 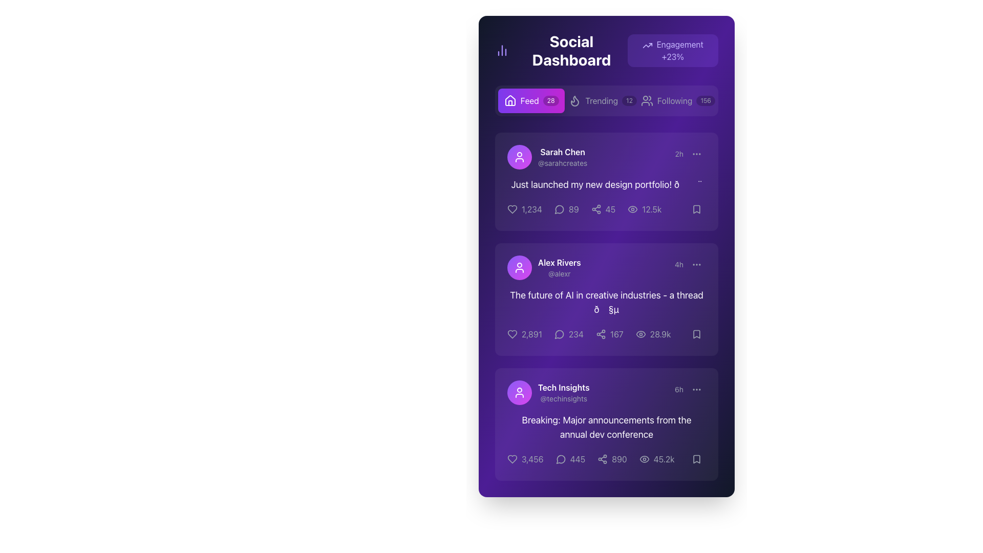 What do you see at coordinates (603, 459) in the screenshot?
I see `the share icon button located in the lower section of the post card, aligned to the left of the textual number '890'` at bounding box center [603, 459].